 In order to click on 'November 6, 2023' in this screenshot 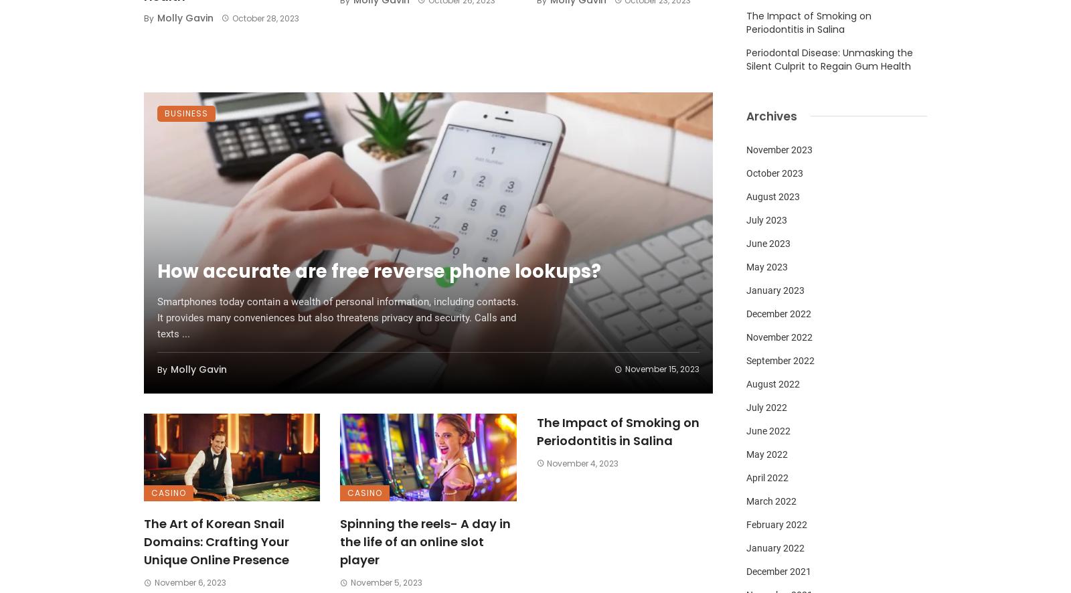, I will do `click(153, 582)`.